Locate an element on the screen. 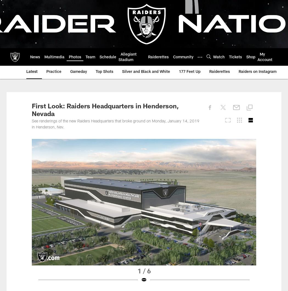 The image size is (288, 291). 'Fans' is located at coordinates (76, 56).